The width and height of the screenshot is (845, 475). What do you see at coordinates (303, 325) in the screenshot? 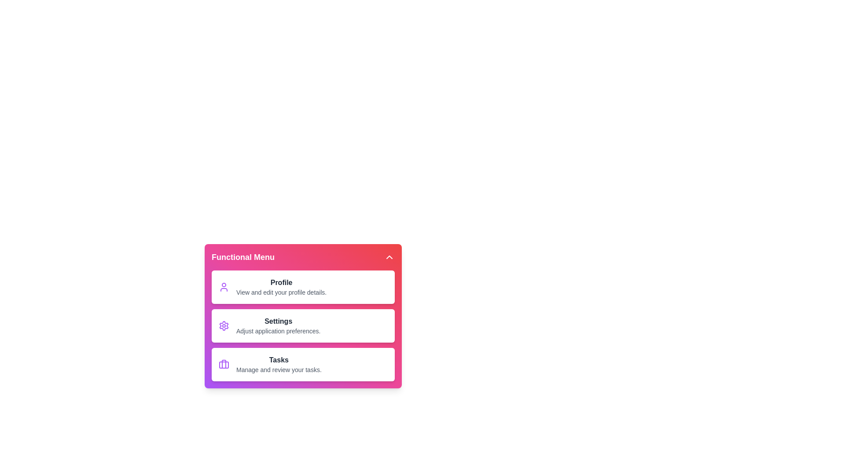
I see `the menu item labeled 'Settings' to observe its hover effect` at bounding box center [303, 325].